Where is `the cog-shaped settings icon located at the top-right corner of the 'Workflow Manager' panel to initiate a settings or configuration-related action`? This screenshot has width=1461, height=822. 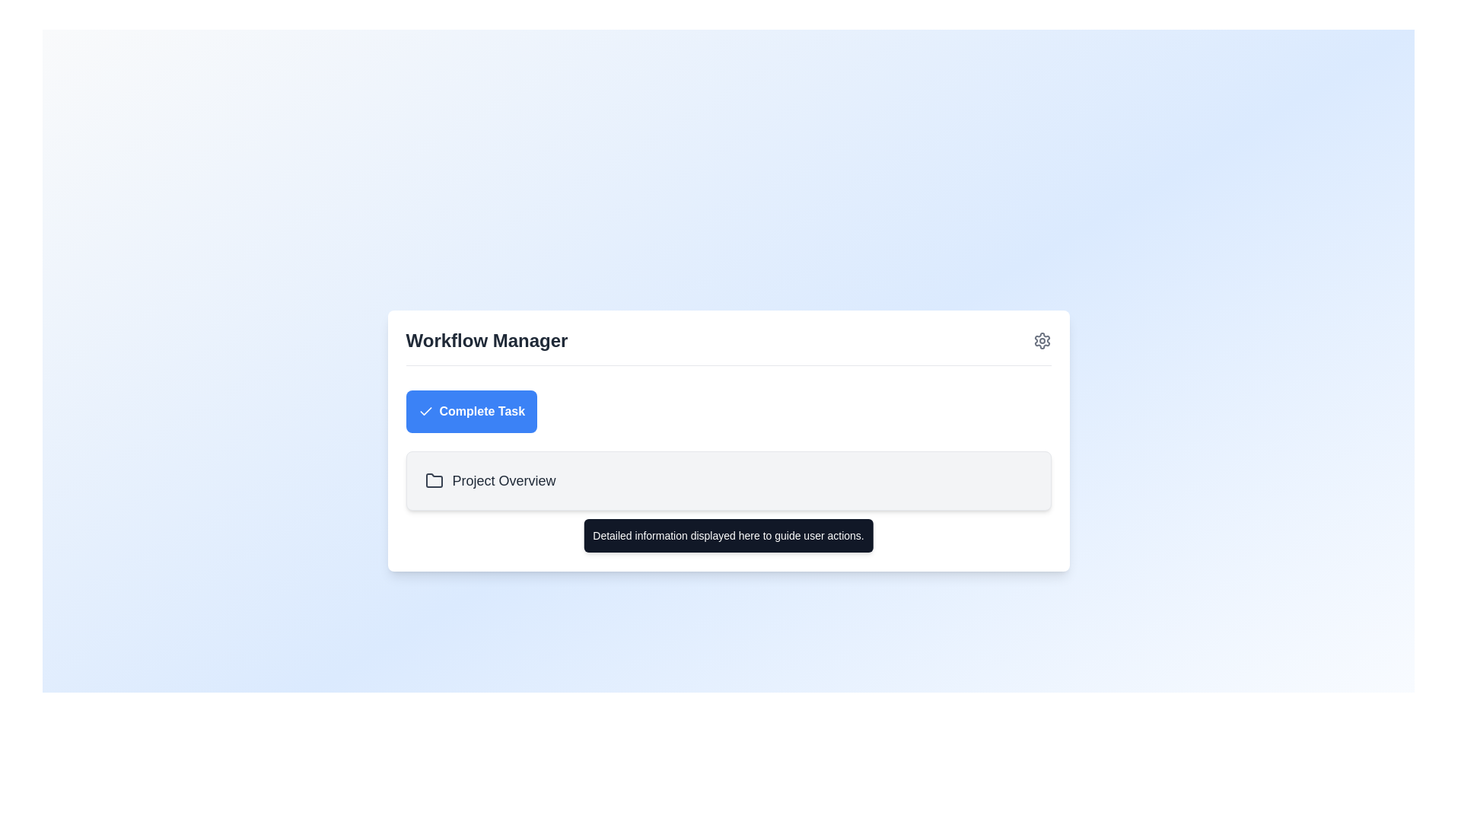
the cog-shaped settings icon located at the top-right corner of the 'Workflow Manager' panel to initiate a settings or configuration-related action is located at coordinates (1041, 339).